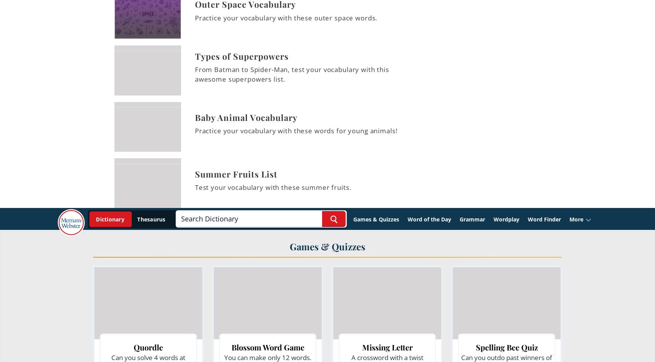 This screenshot has height=362, width=655. I want to click on 'p', so click(358, 18).